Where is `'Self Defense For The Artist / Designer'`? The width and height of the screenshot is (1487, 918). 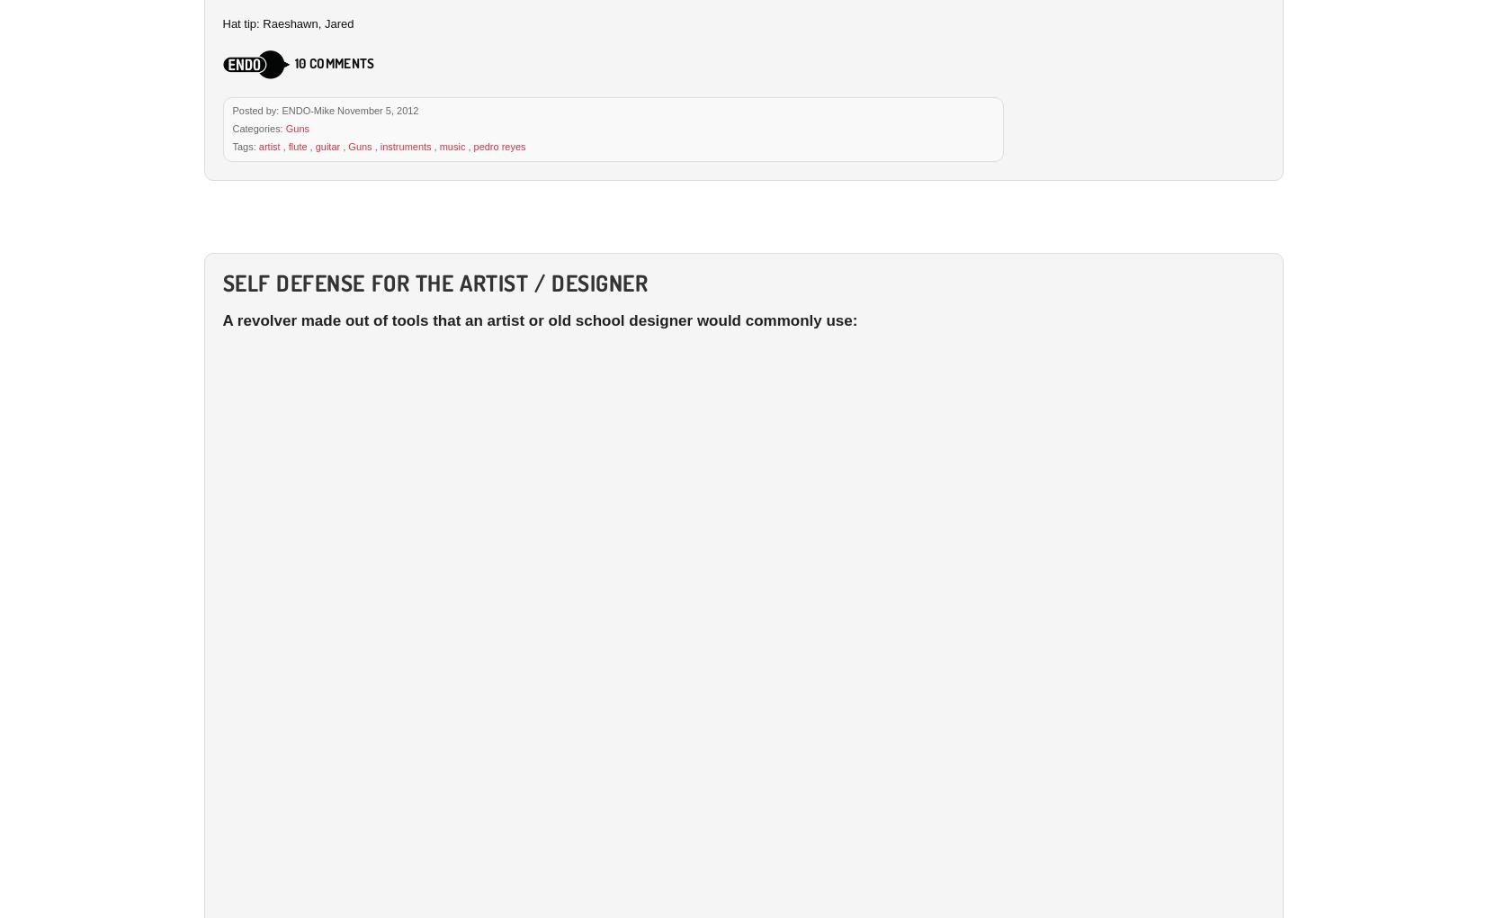
'Self Defense For The Artist / Designer' is located at coordinates (434, 282).